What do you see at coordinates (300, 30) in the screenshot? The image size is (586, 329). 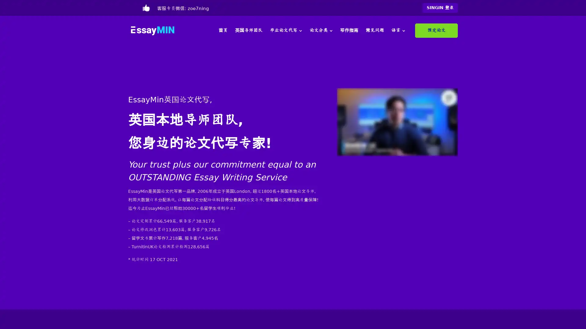 I see `3` at bounding box center [300, 30].